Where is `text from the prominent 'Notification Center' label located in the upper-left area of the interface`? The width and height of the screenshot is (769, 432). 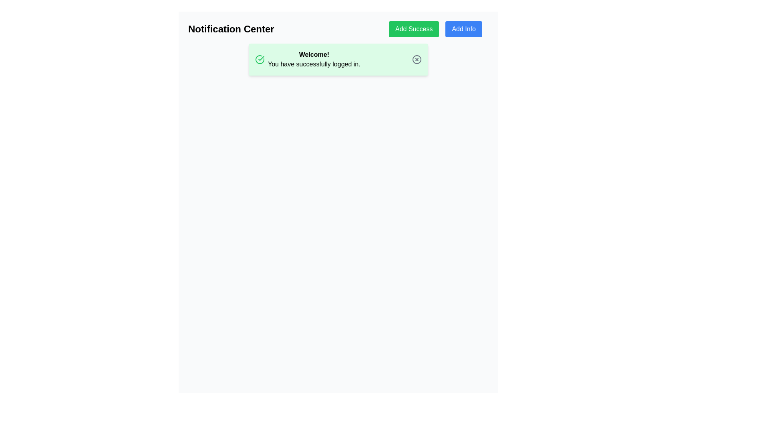
text from the prominent 'Notification Center' label located in the upper-left area of the interface is located at coordinates (231, 29).